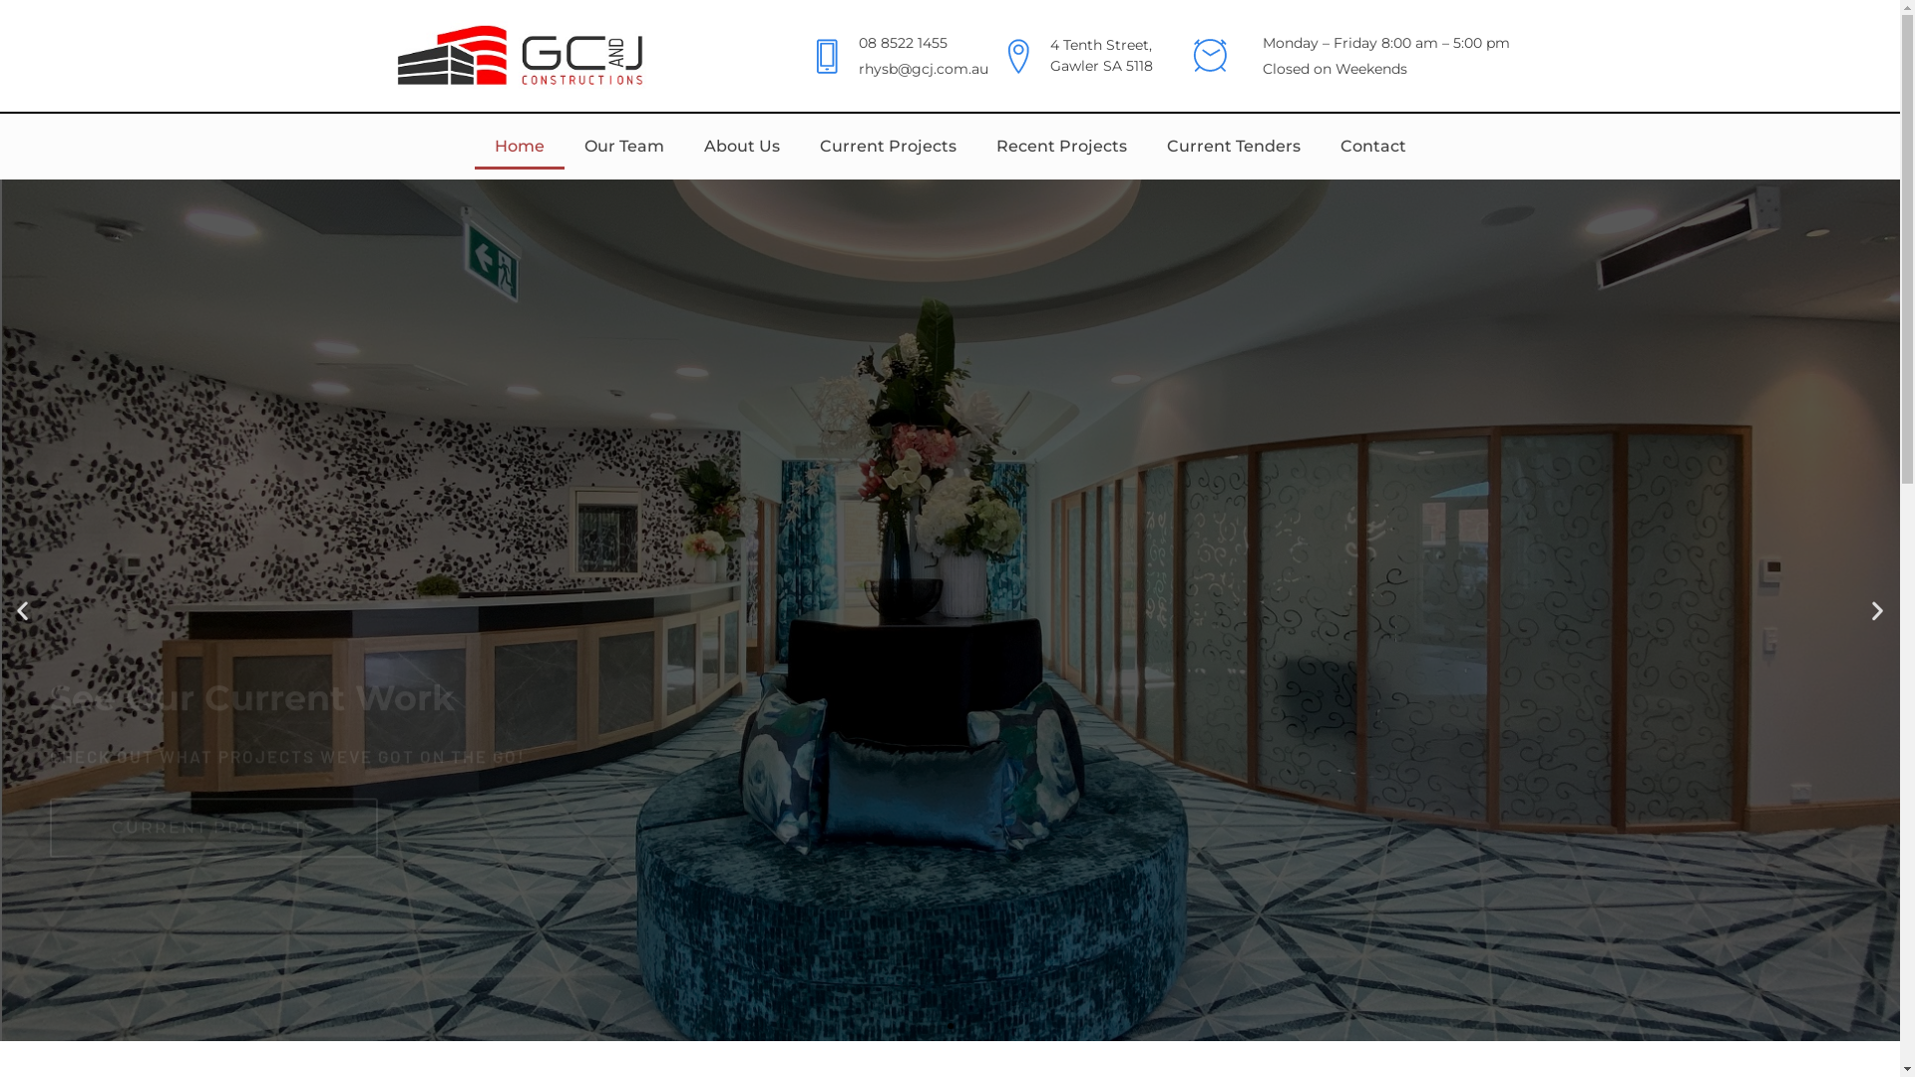 The height and width of the screenshot is (1077, 1915). Describe the element at coordinates (1233, 145) in the screenshot. I see `'Current Tenders'` at that location.